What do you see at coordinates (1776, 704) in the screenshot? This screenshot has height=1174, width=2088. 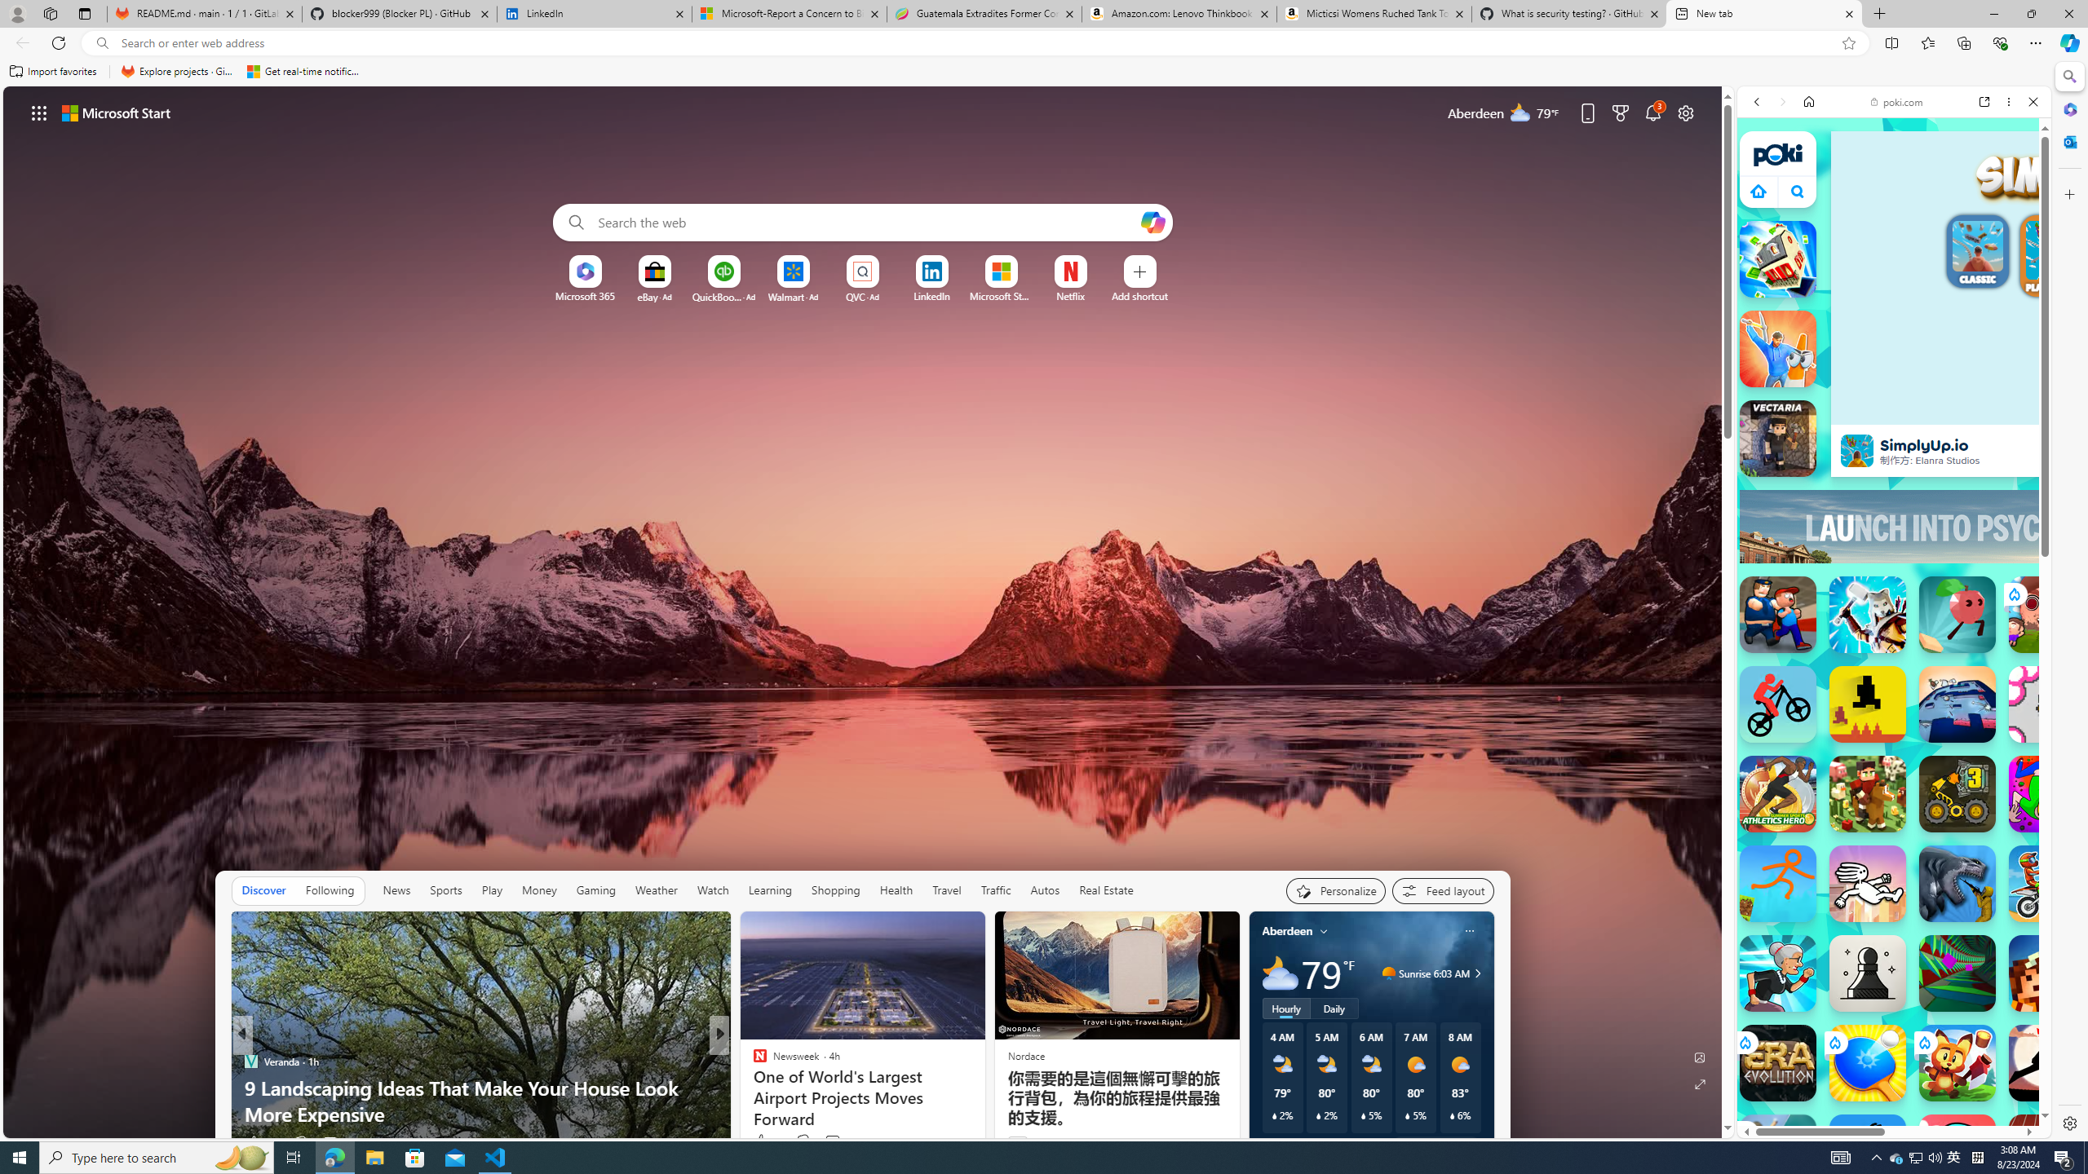 I see `'Stickman Bike Stickman Bike'` at bounding box center [1776, 704].